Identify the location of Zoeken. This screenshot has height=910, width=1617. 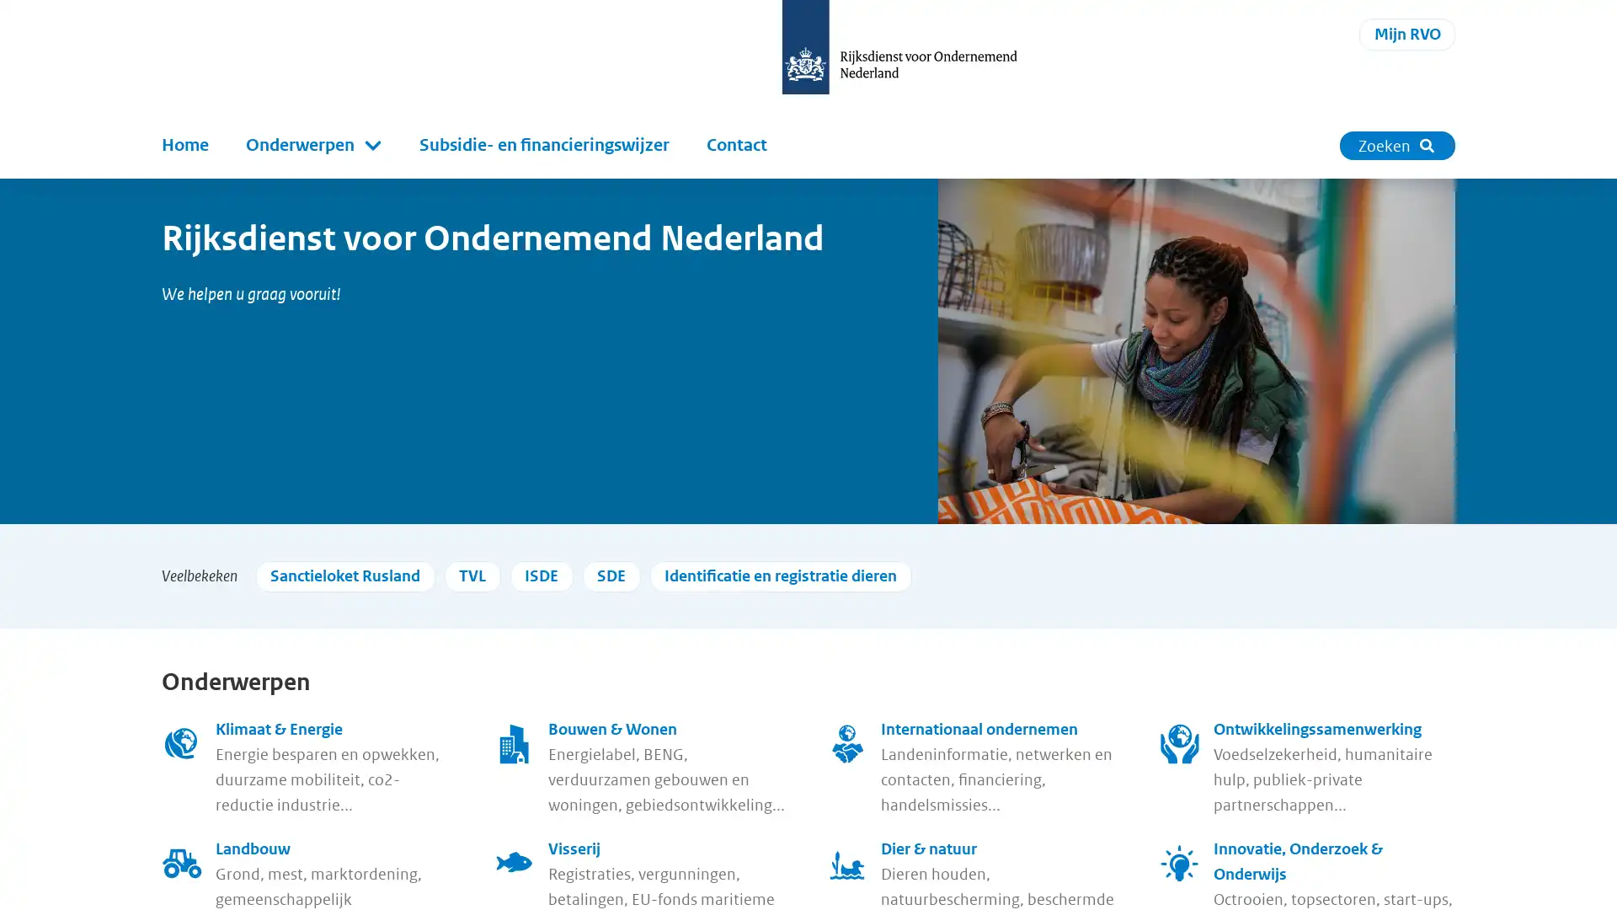
(1397, 145).